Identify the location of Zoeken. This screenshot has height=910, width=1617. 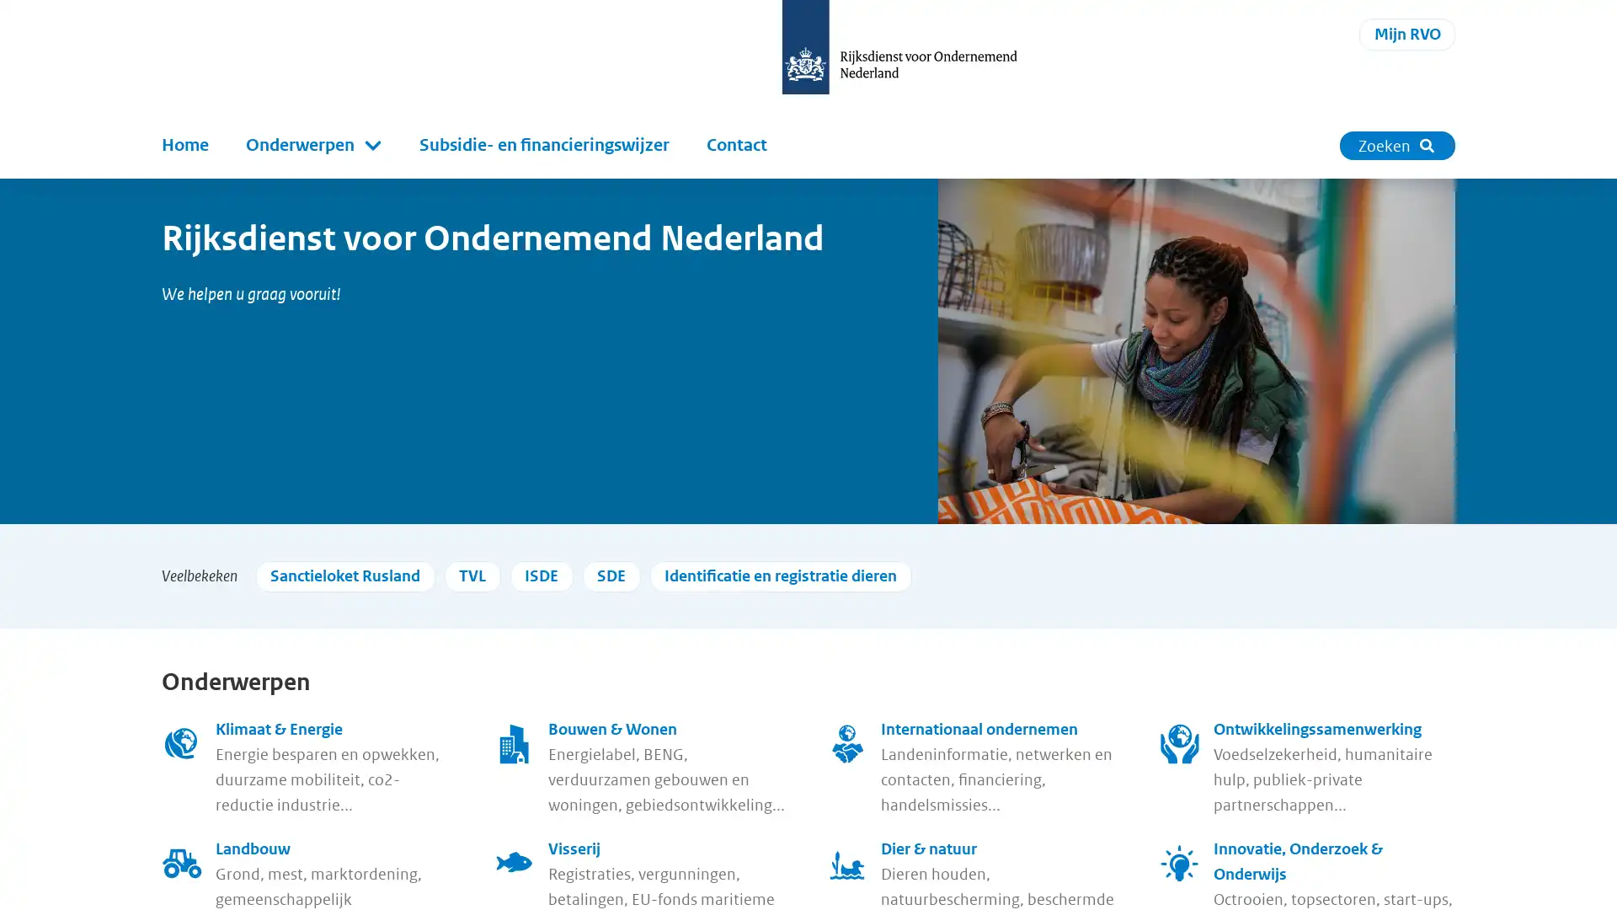
(1397, 145).